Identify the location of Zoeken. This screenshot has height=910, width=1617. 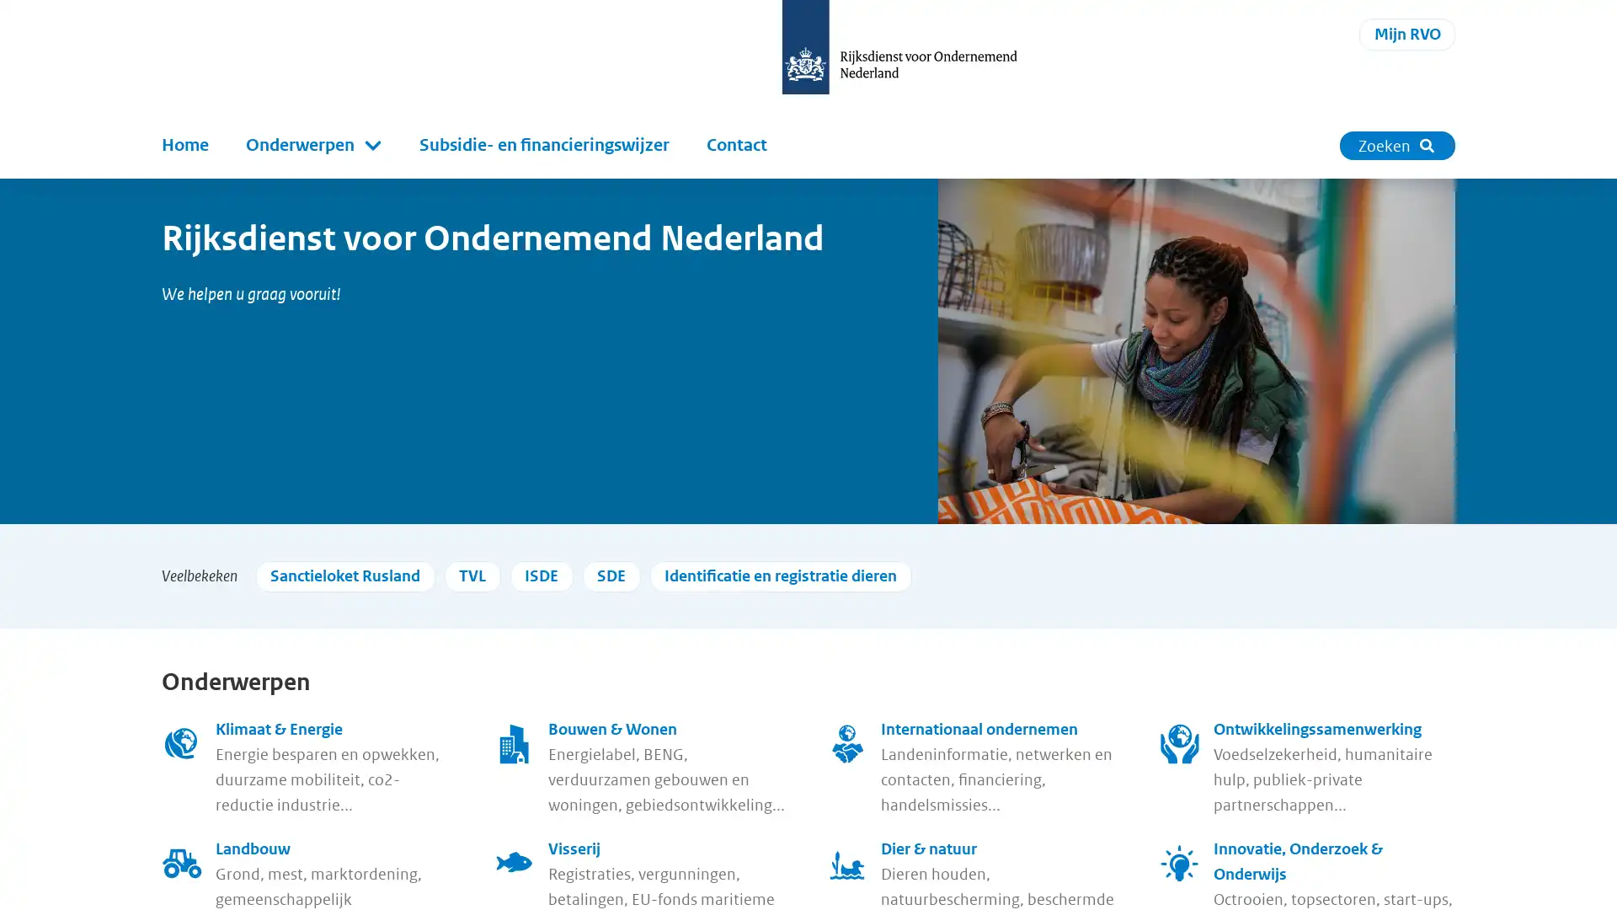
(1397, 145).